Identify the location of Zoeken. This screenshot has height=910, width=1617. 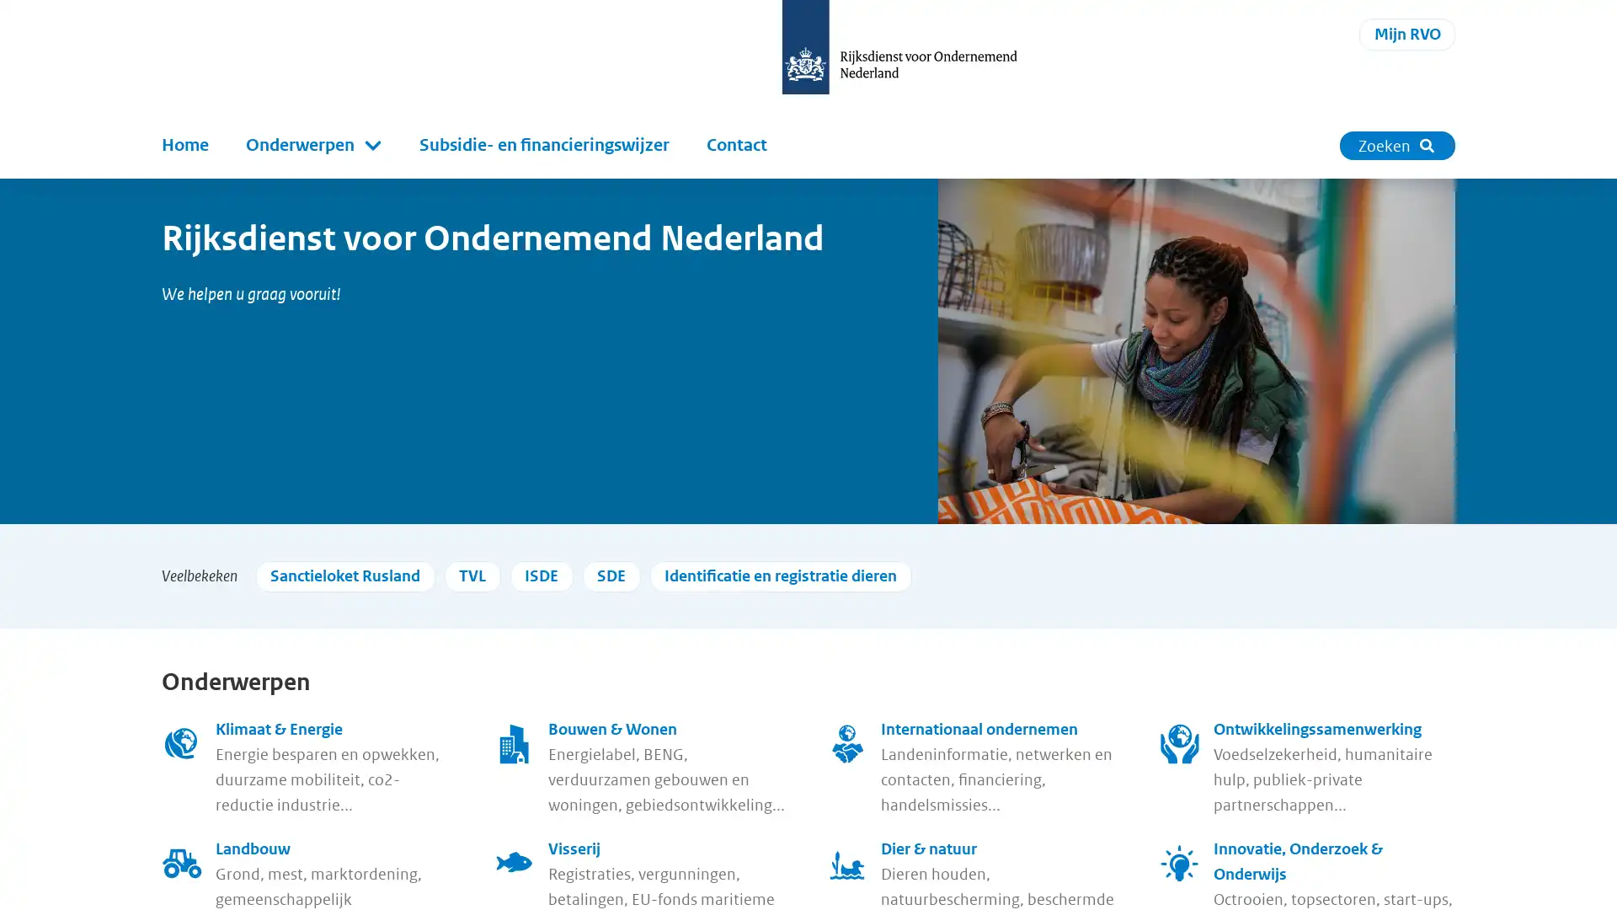
(1397, 145).